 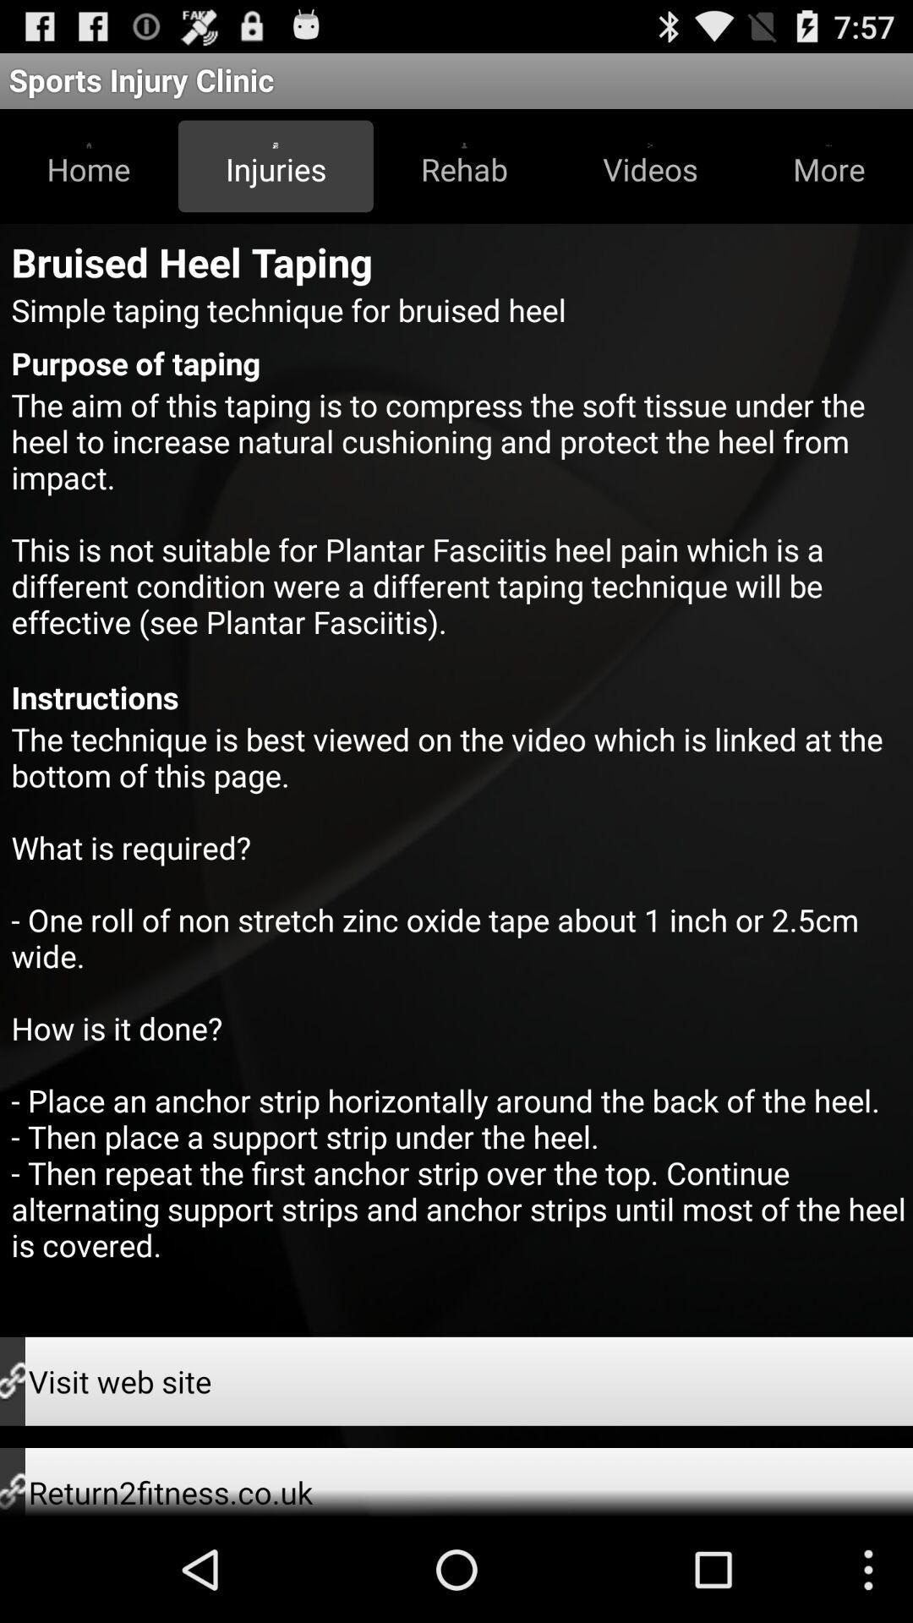 I want to click on item to the left of the rehab, so click(x=275, y=166).